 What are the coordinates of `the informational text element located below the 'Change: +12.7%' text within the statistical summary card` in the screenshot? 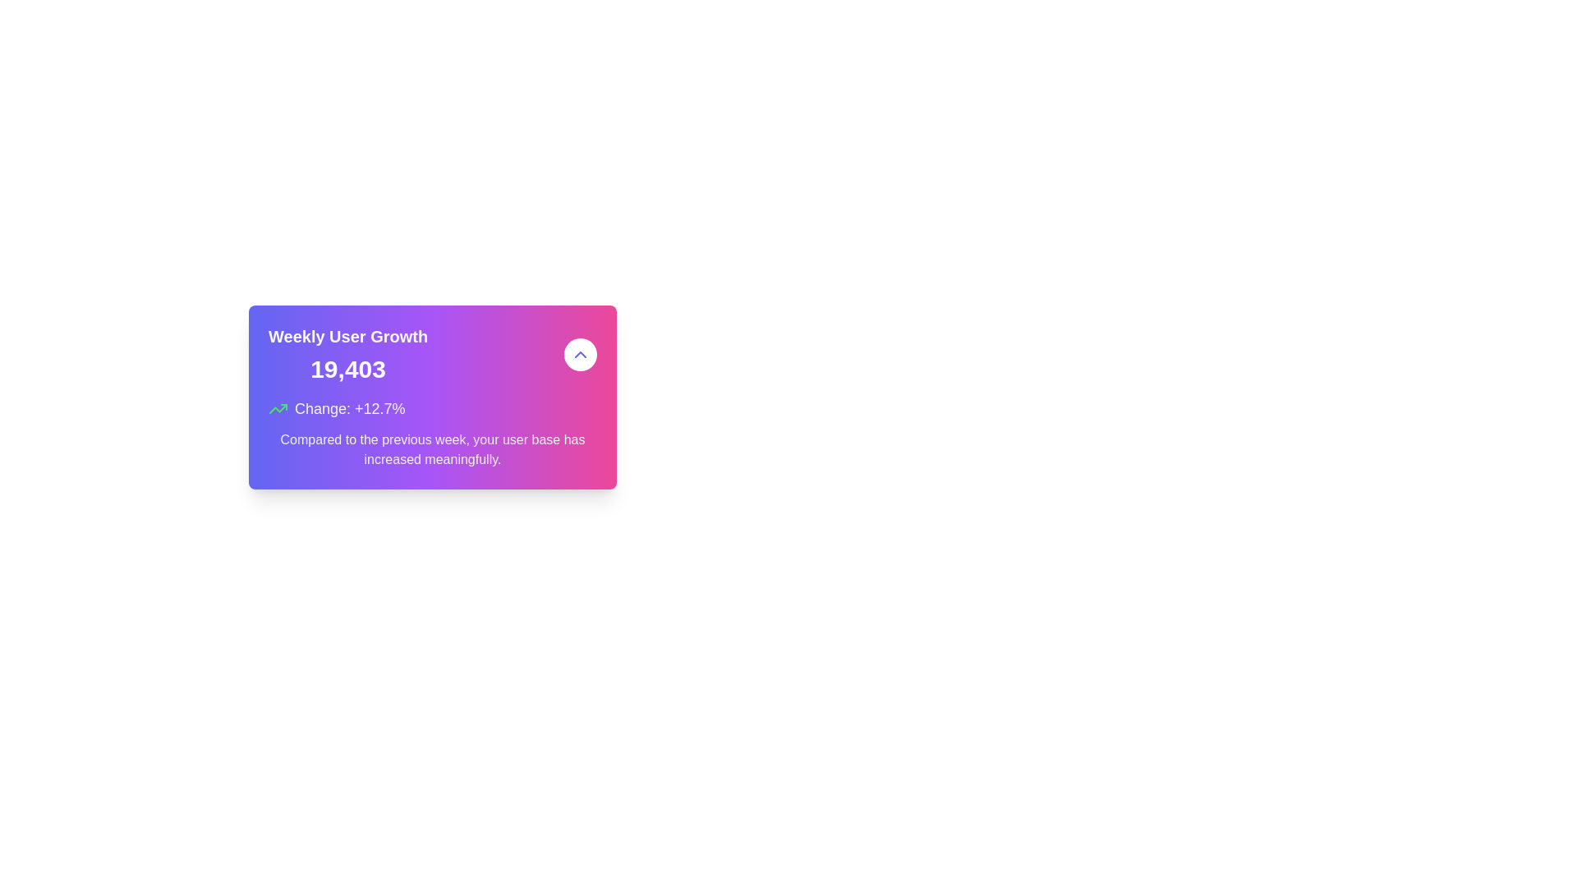 It's located at (433, 449).